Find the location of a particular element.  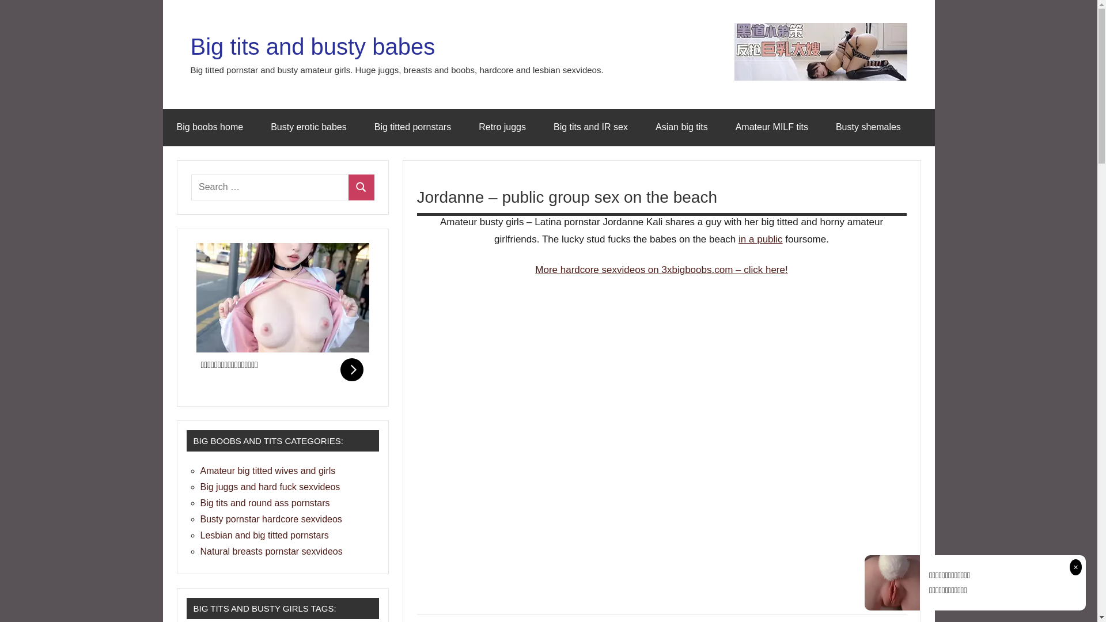

'Lesbian and big titted pornstars' is located at coordinates (200, 535).